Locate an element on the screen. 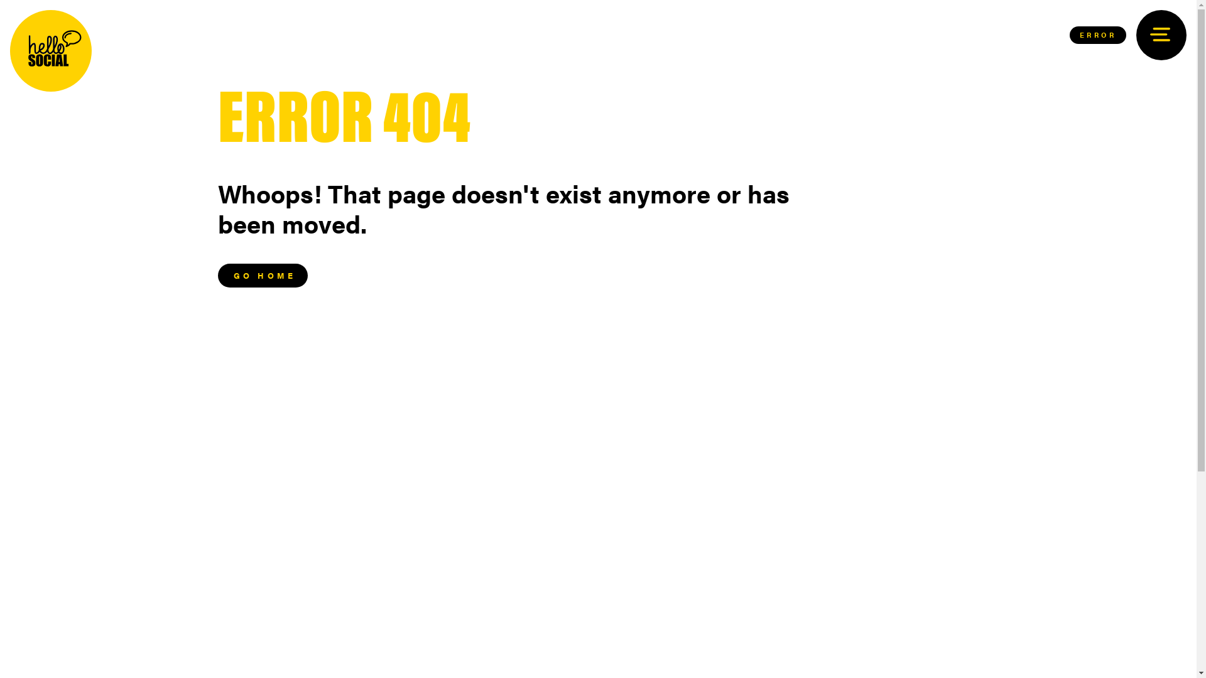 This screenshot has height=678, width=1206. 'GO HOME' is located at coordinates (261, 275).